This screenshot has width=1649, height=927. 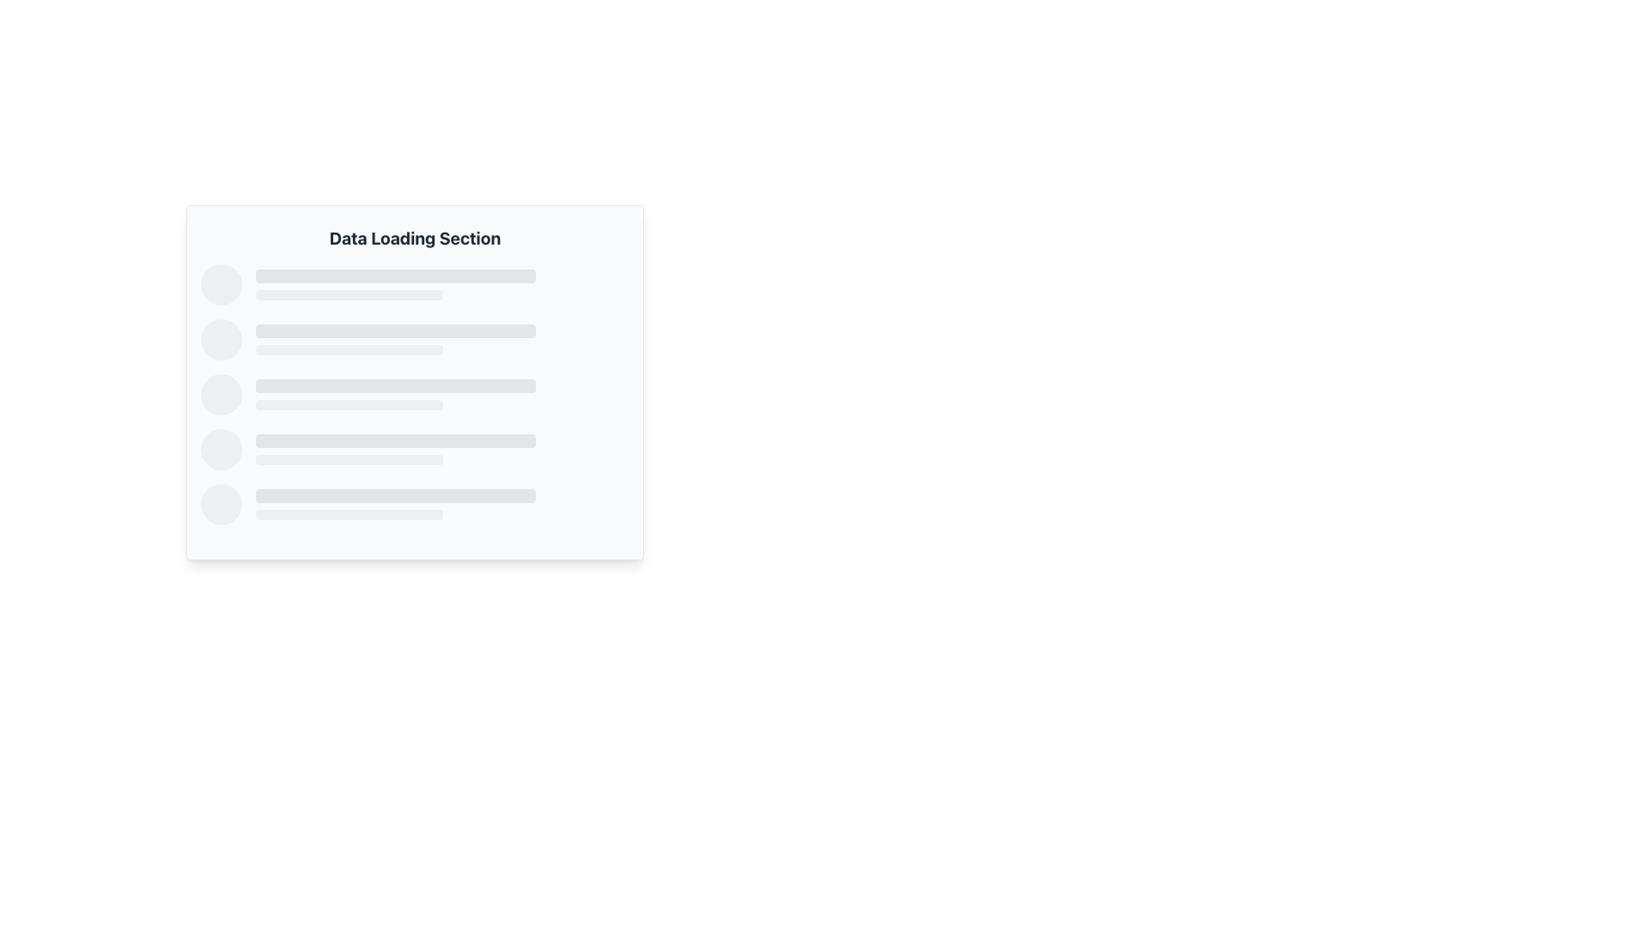 What do you see at coordinates (221, 503) in the screenshot?
I see `the circular indicator or placeholder with a light gray background, which is the first item in a horizontally aligned group of elements` at bounding box center [221, 503].